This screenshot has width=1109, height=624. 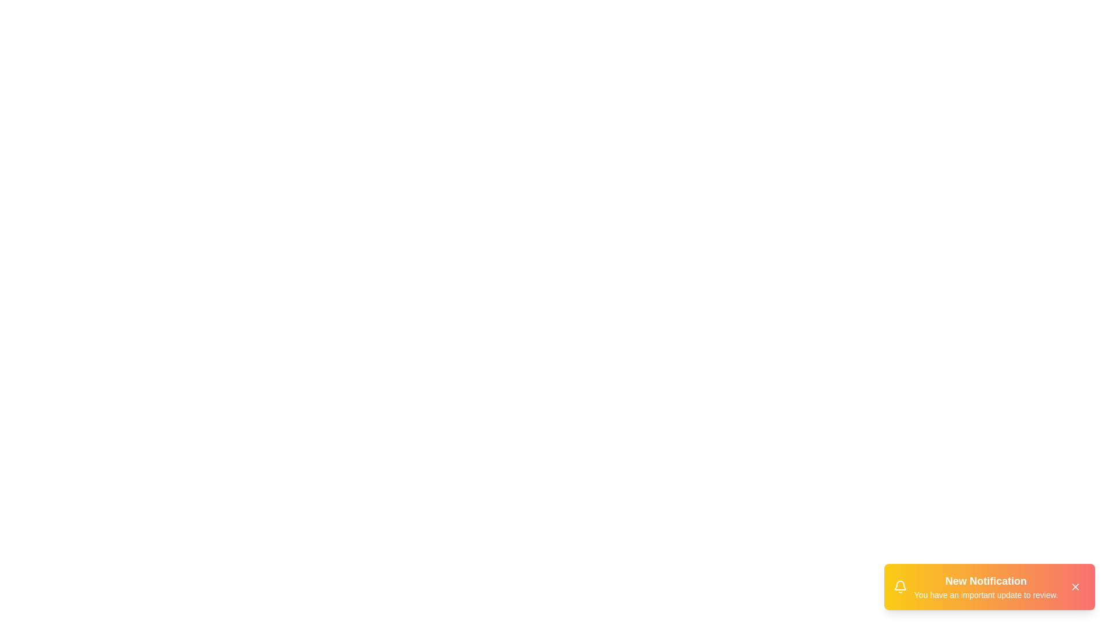 I want to click on the close button of the snackbar to dismiss it, so click(x=1075, y=586).